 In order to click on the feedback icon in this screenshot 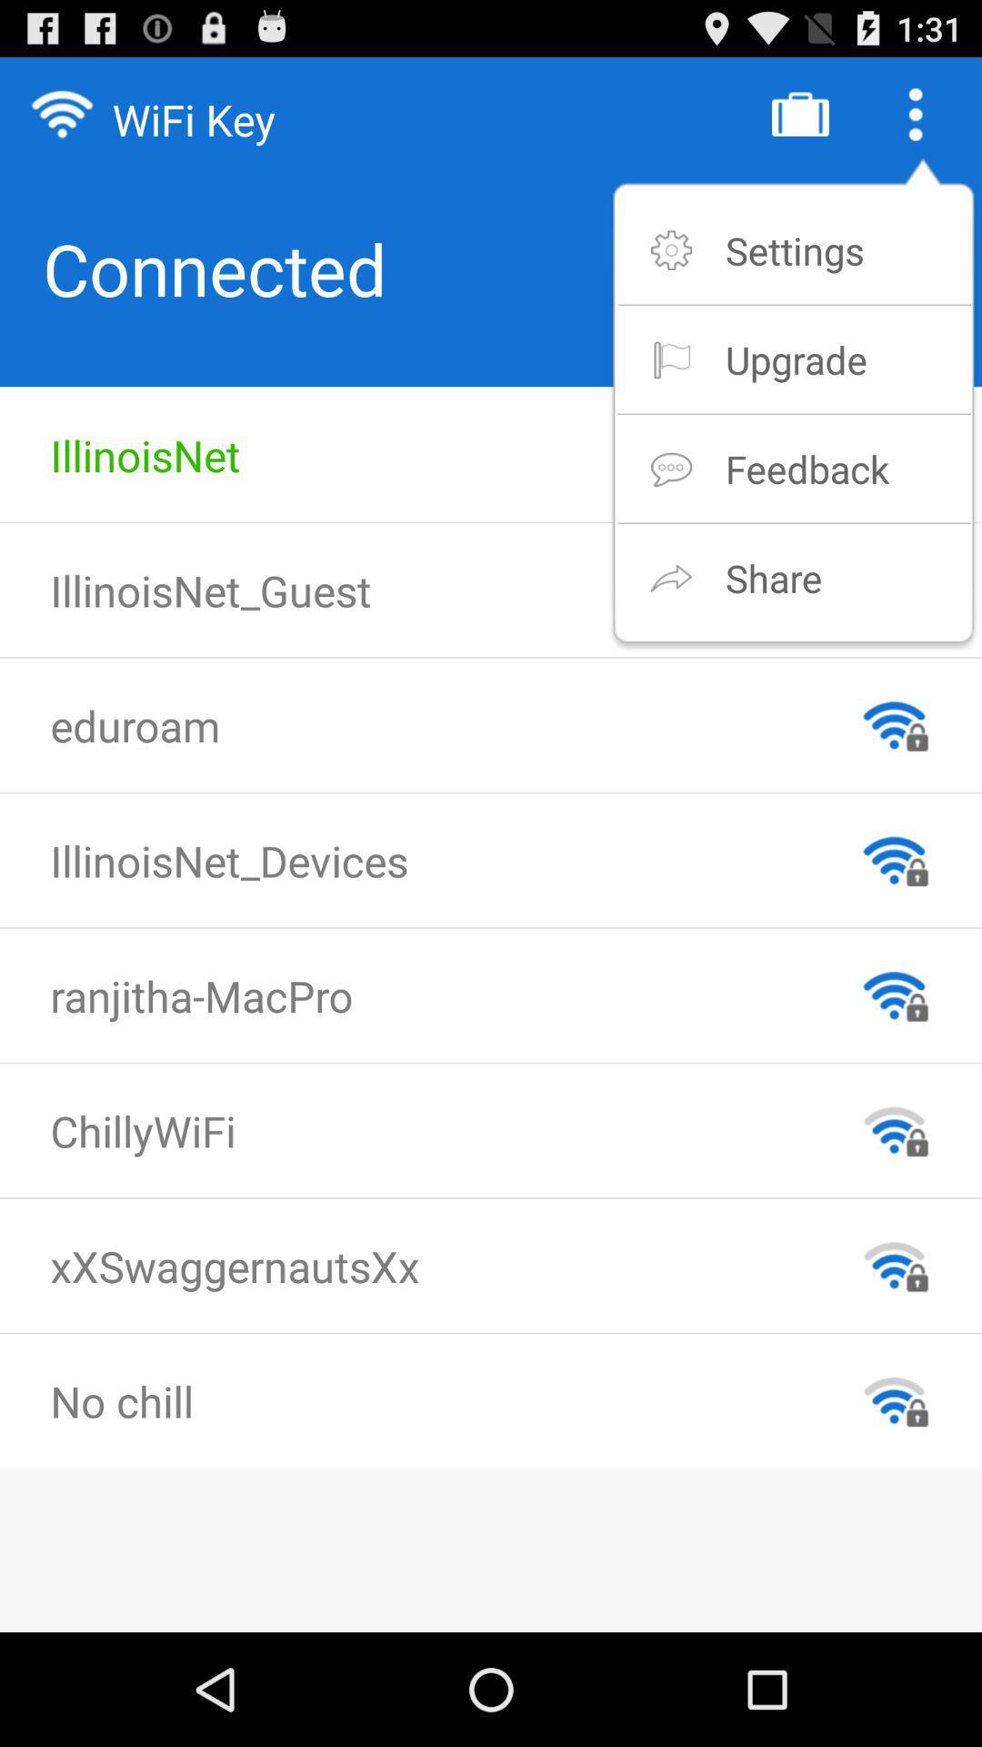, I will do `click(806, 469)`.